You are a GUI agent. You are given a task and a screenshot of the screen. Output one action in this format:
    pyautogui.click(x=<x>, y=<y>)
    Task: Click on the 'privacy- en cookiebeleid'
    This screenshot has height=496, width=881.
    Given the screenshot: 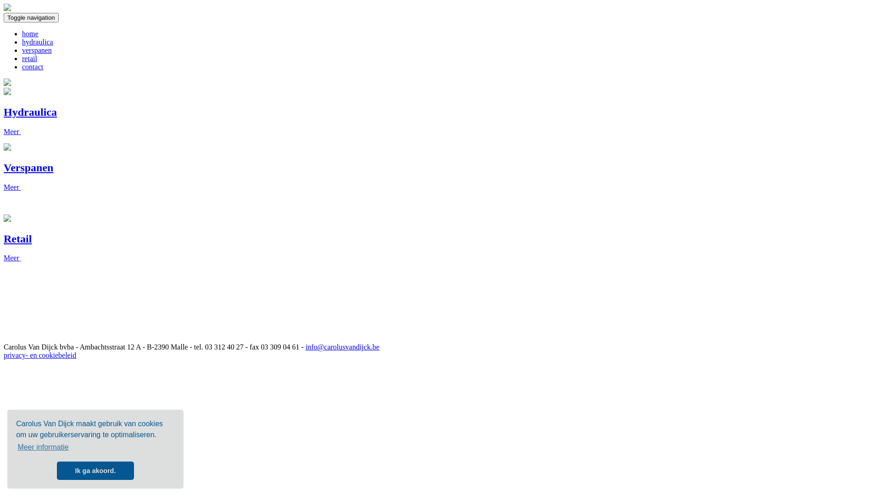 What is the action you would take?
    pyautogui.click(x=39, y=355)
    